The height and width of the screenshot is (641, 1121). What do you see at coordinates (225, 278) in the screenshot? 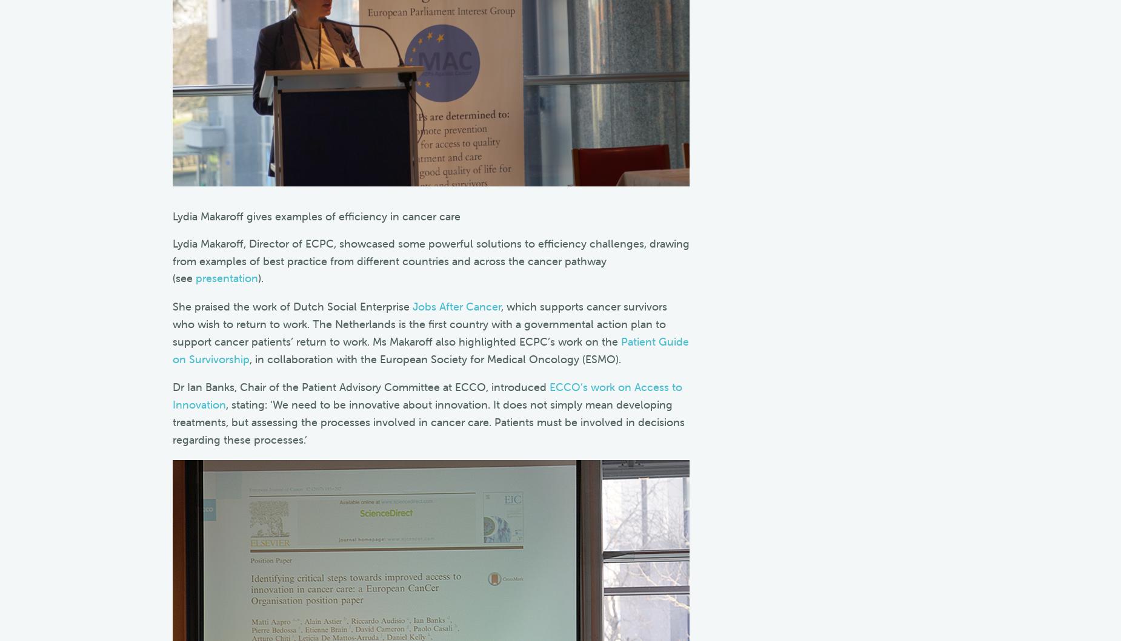
I see `'presentation'` at bounding box center [225, 278].